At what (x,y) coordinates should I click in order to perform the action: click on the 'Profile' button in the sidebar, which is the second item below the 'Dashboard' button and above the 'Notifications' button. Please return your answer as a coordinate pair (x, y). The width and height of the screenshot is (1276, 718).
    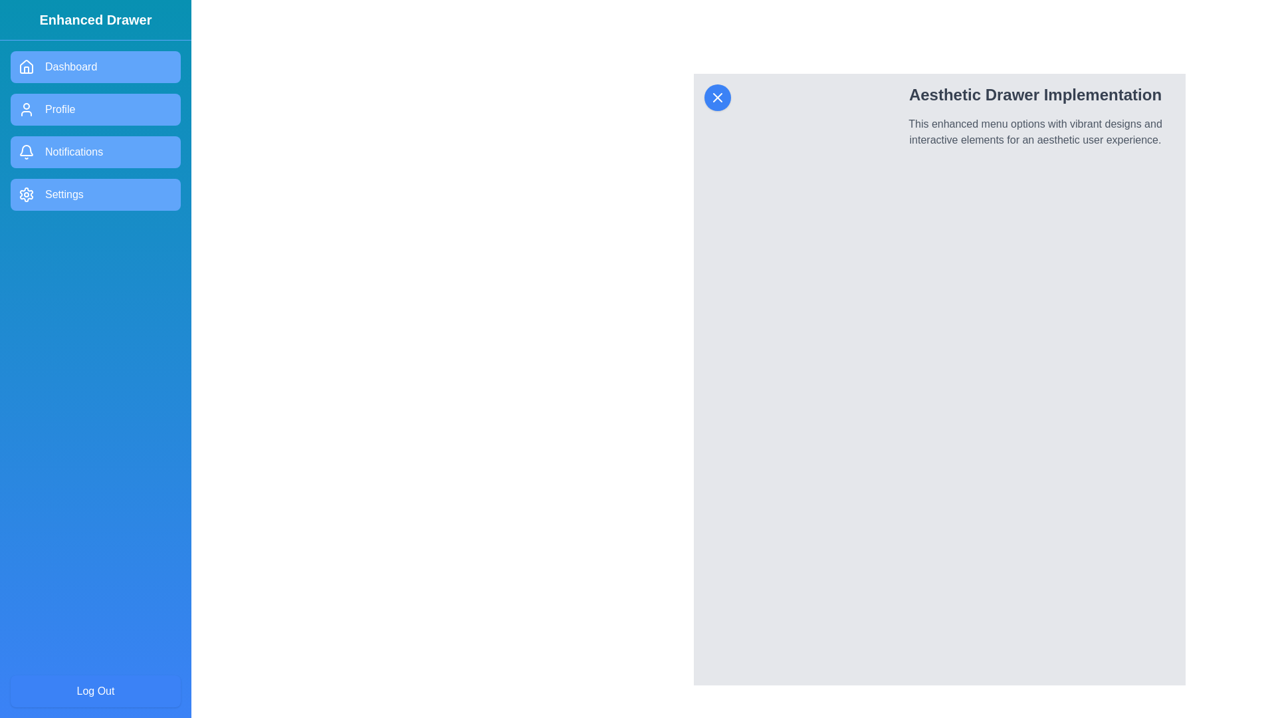
    Looking at the image, I should click on (95, 109).